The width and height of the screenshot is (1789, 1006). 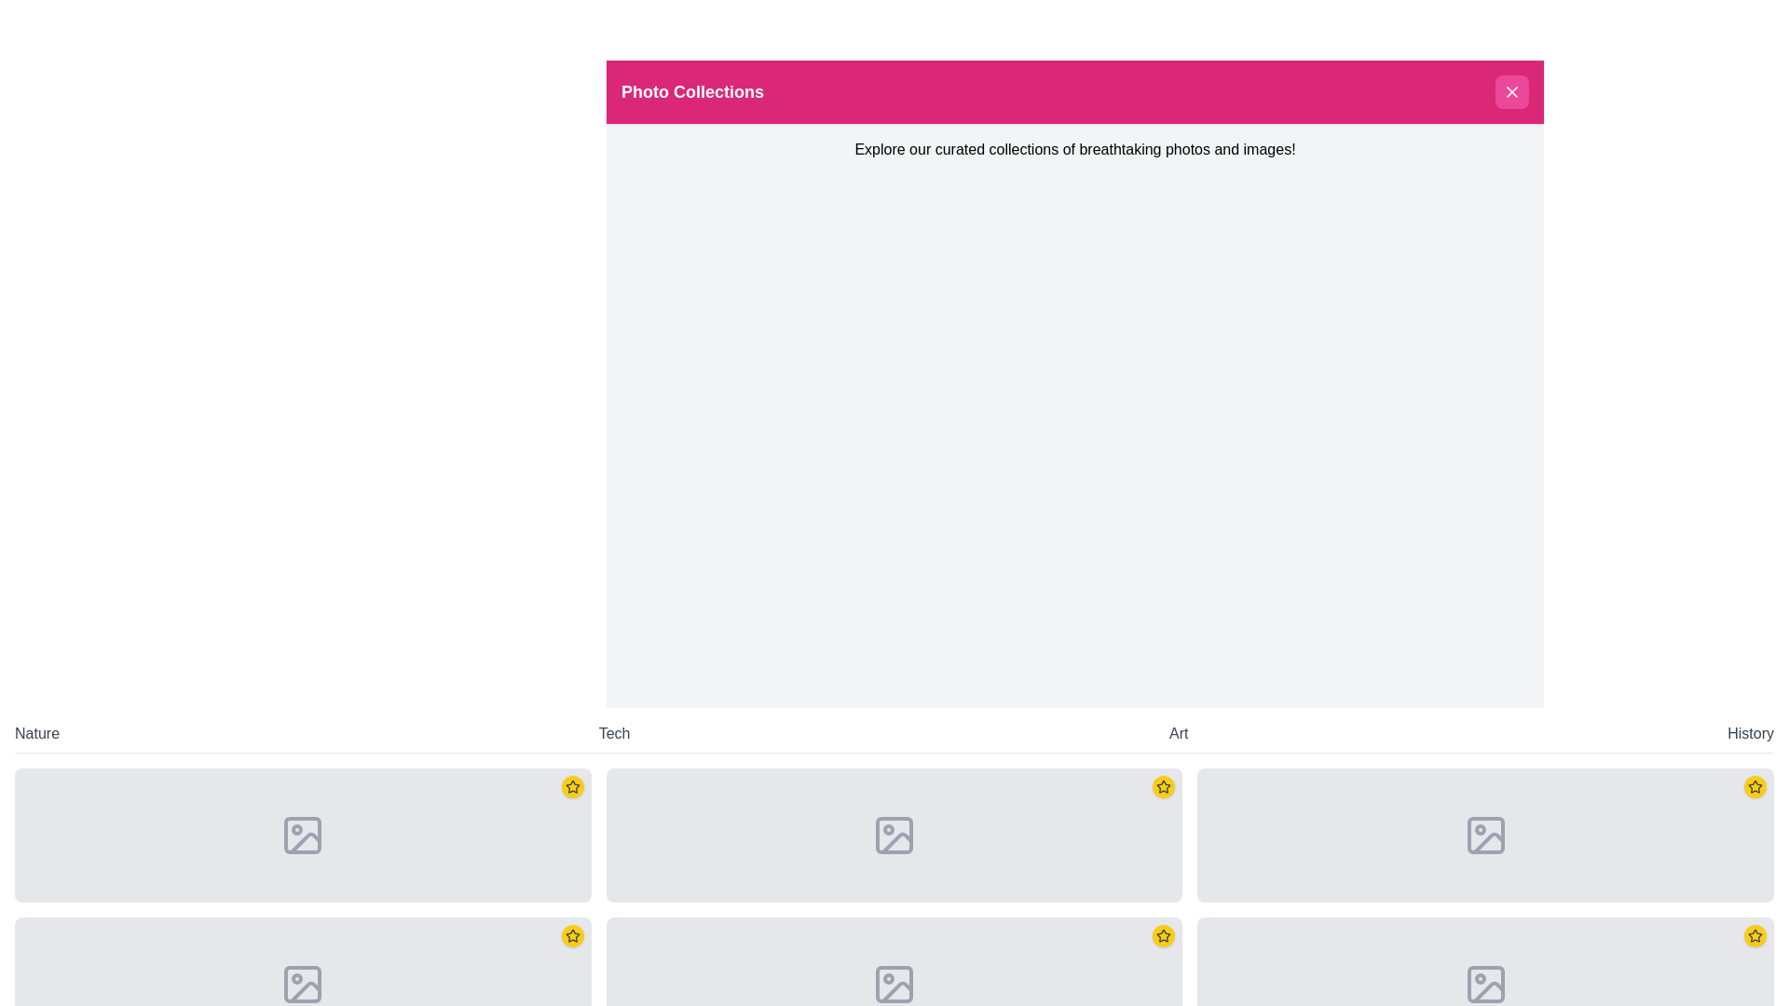 I want to click on the fourth card, so click(x=1484, y=835).